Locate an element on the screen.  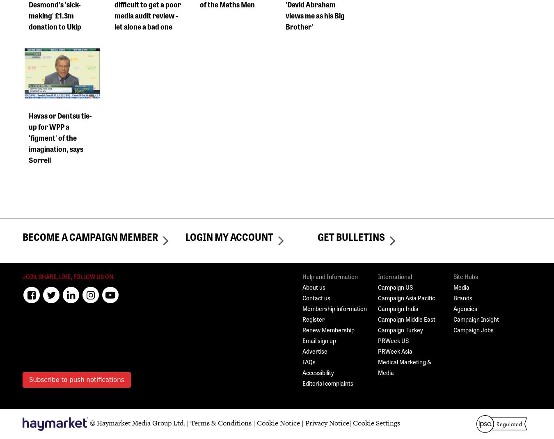
'Brands' is located at coordinates (462, 297).